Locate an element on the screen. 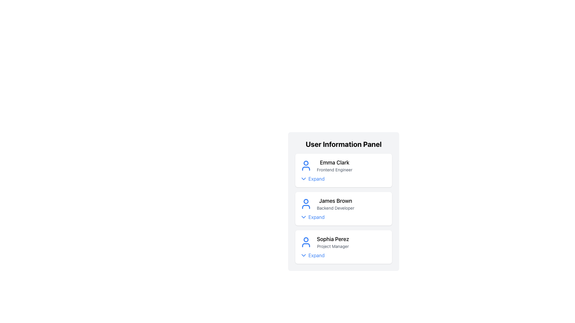 The width and height of the screenshot is (575, 323). the label identifying the user 'James Brown', which is located in the middle section of the User Information Panel, above the career role description 'Backend Developer' is located at coordinates (335, 201).